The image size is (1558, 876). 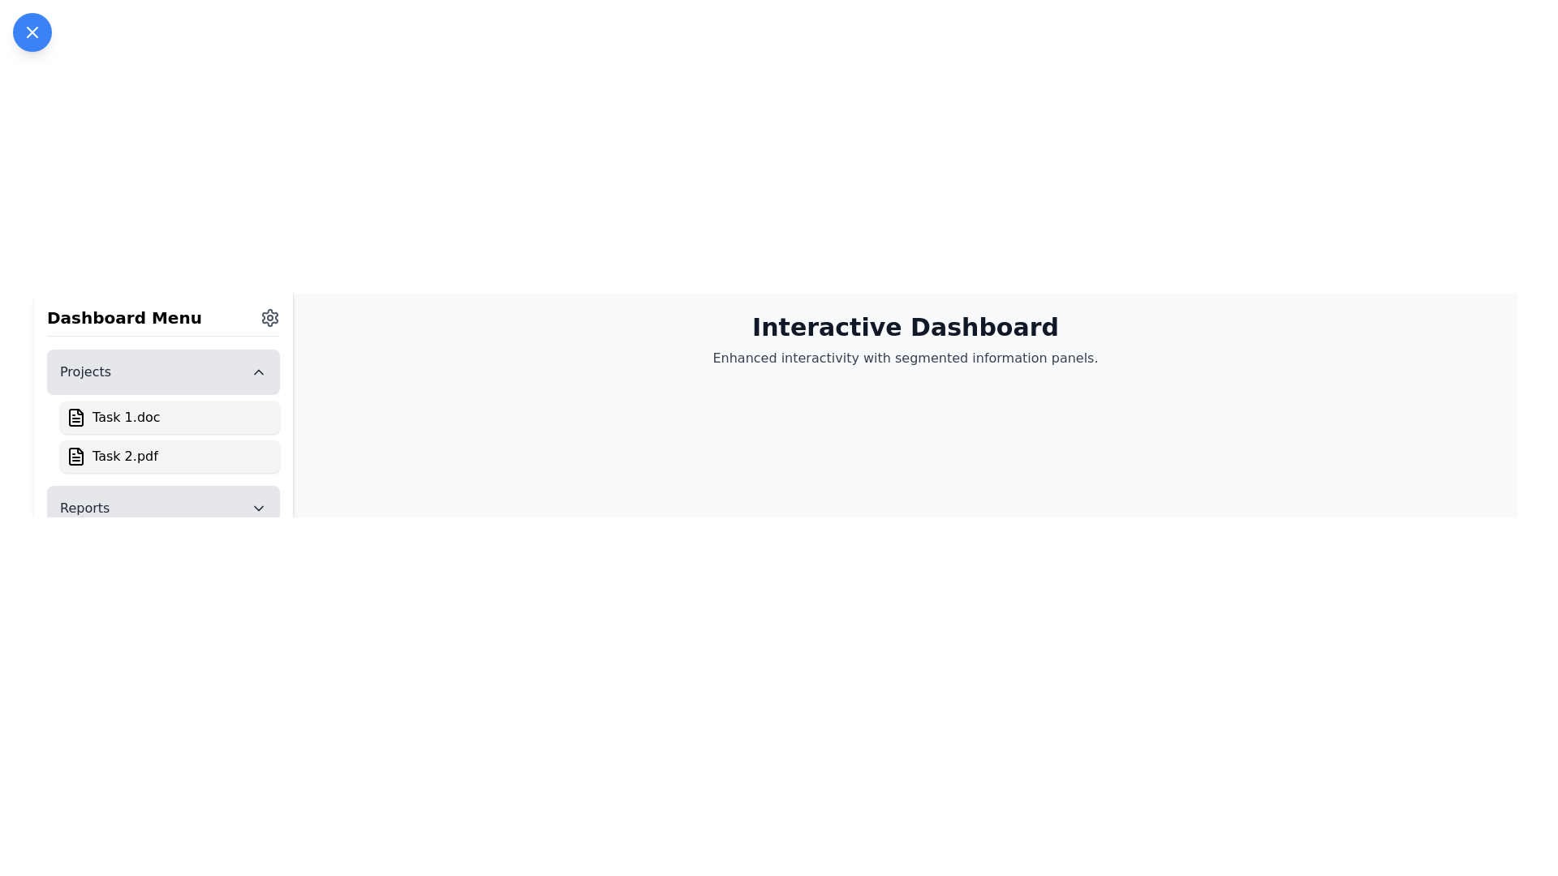 I want to click on the collapsible menu button under 'Dashboard Menu', so click(x=163, y=372).